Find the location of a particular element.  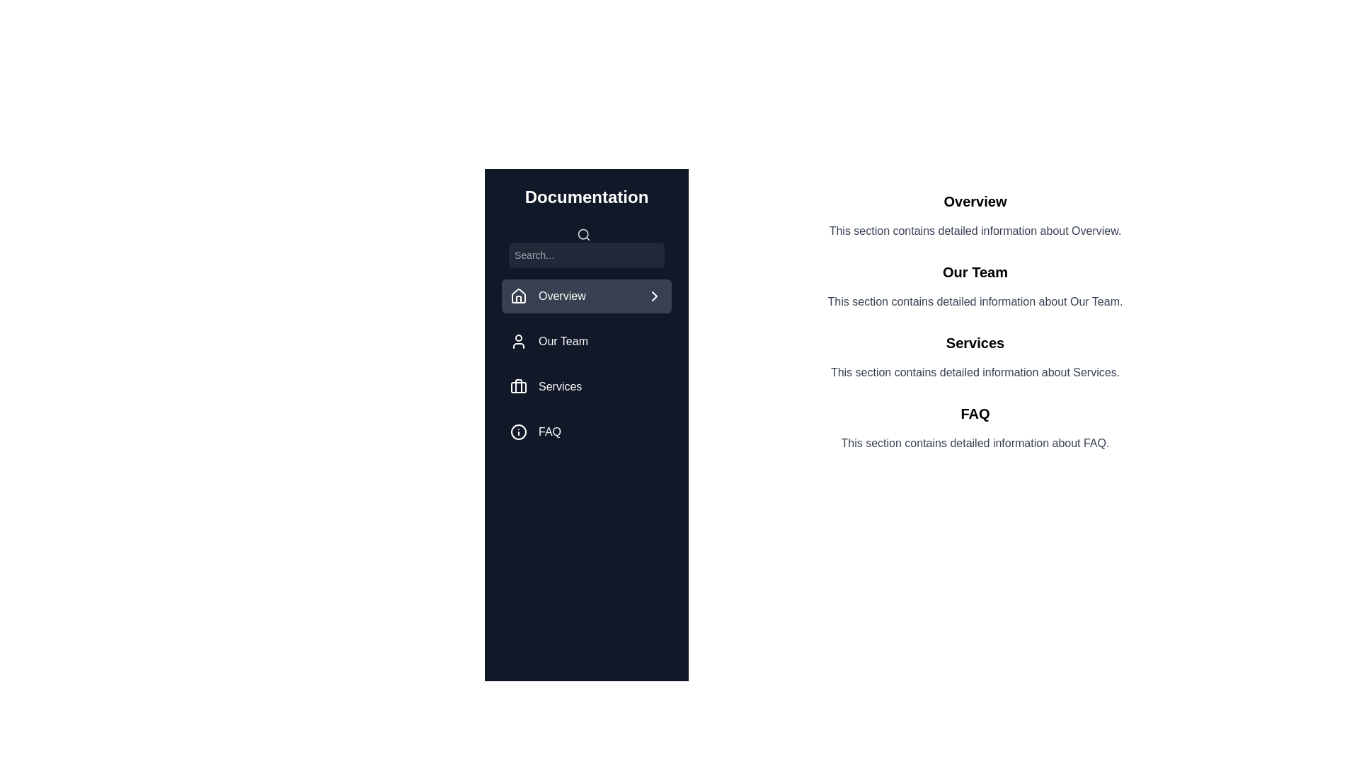

the house icon located on the left side of the 'Overview' menu item is located at coordinates (518, 296).